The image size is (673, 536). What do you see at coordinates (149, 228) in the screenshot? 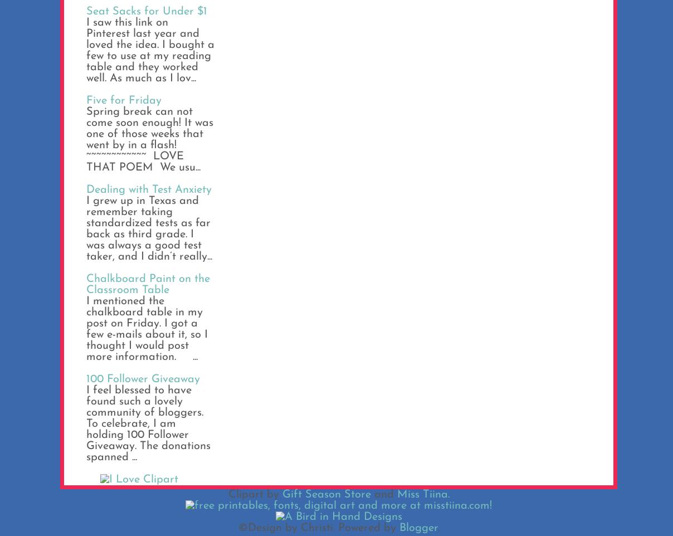
I see `'I grew up in Texas and remember taking standardized tests as far back as third grade. I was always a good test taker, and I didn’t really...'` at bounding box center [149, 228].